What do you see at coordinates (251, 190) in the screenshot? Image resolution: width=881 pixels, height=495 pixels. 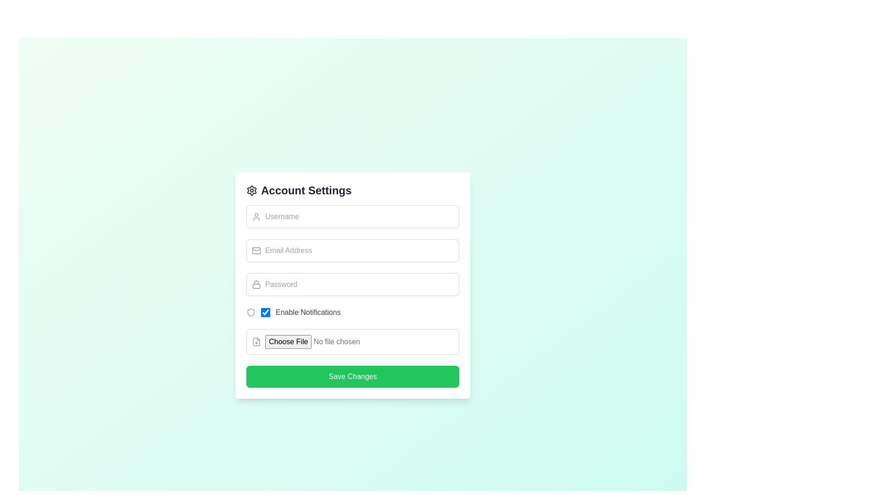 I see `the cogwheel icon representing the settings feature, which is located near the top-left corner of the settings panel adjacent to 'Account Settings'` at bounding box center [251, 190].